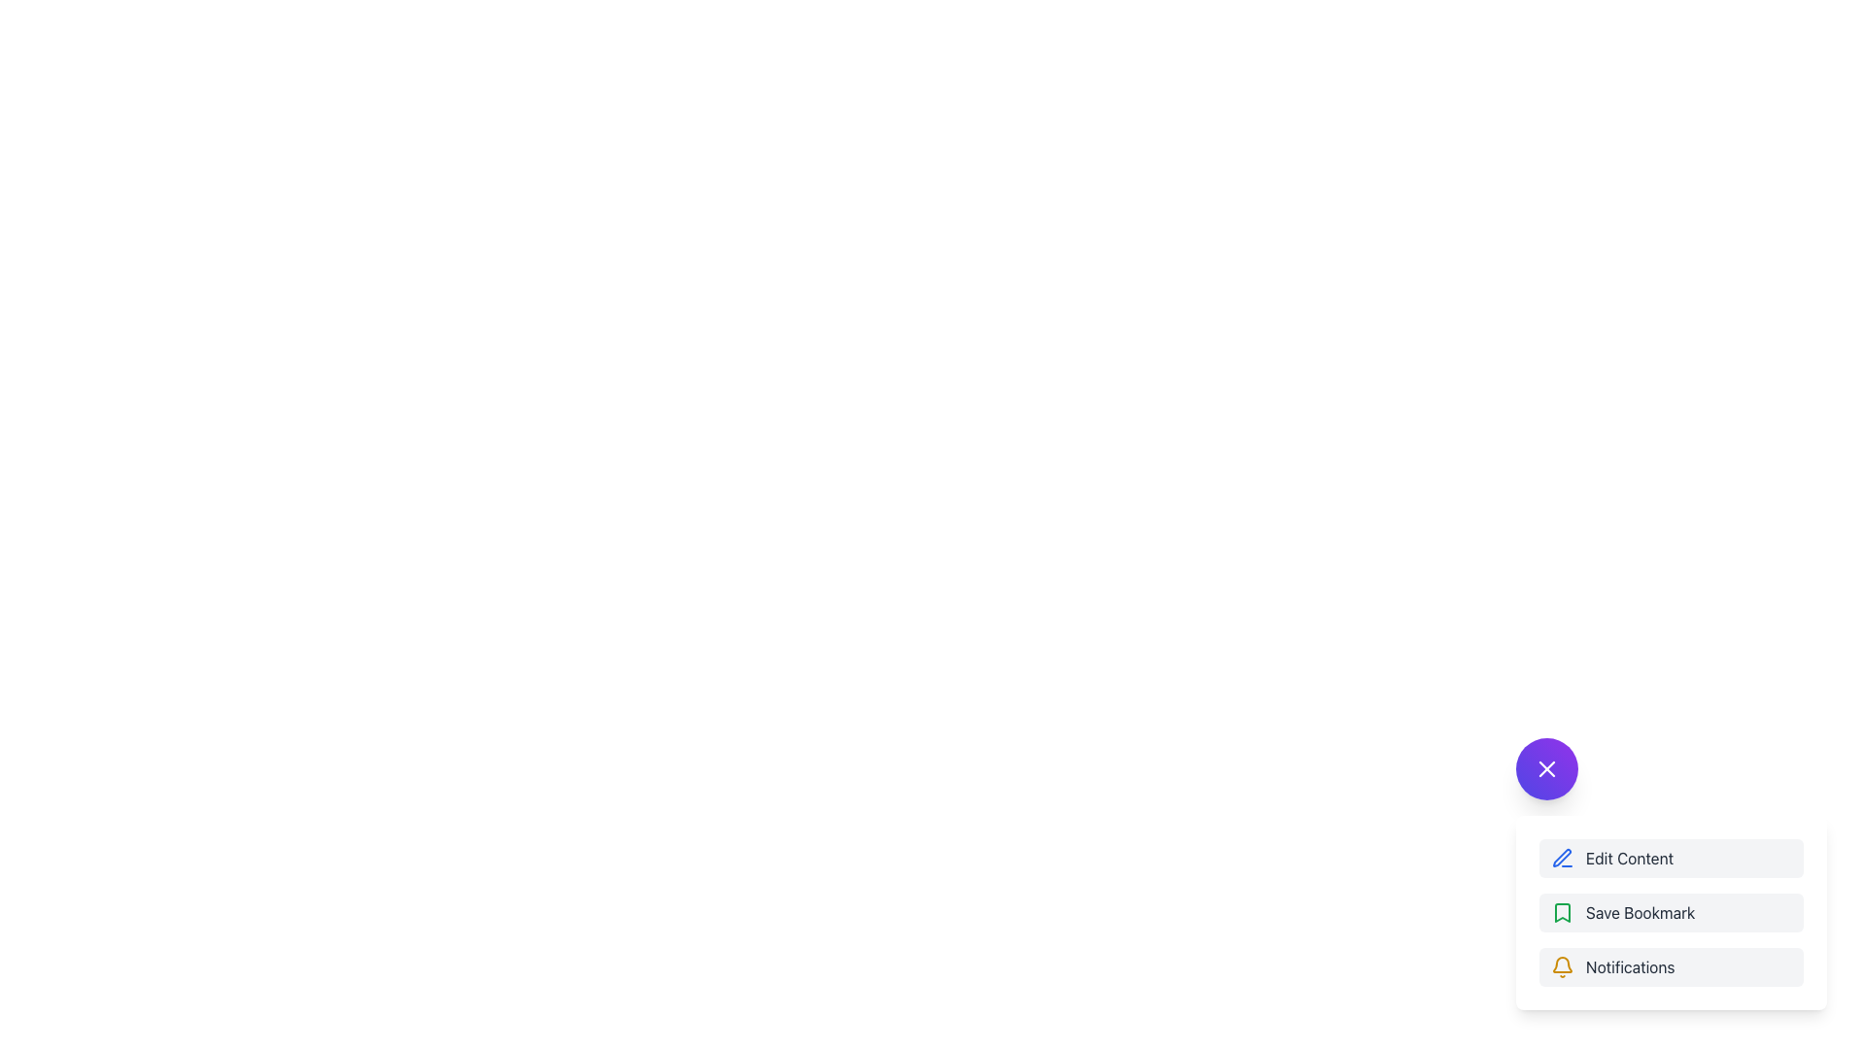  Describe the element at coordinates (1546, 767) in the screenshot. I see `the close 'X' icon located inside a circular button in the bottom-right region of the interface` at that location.